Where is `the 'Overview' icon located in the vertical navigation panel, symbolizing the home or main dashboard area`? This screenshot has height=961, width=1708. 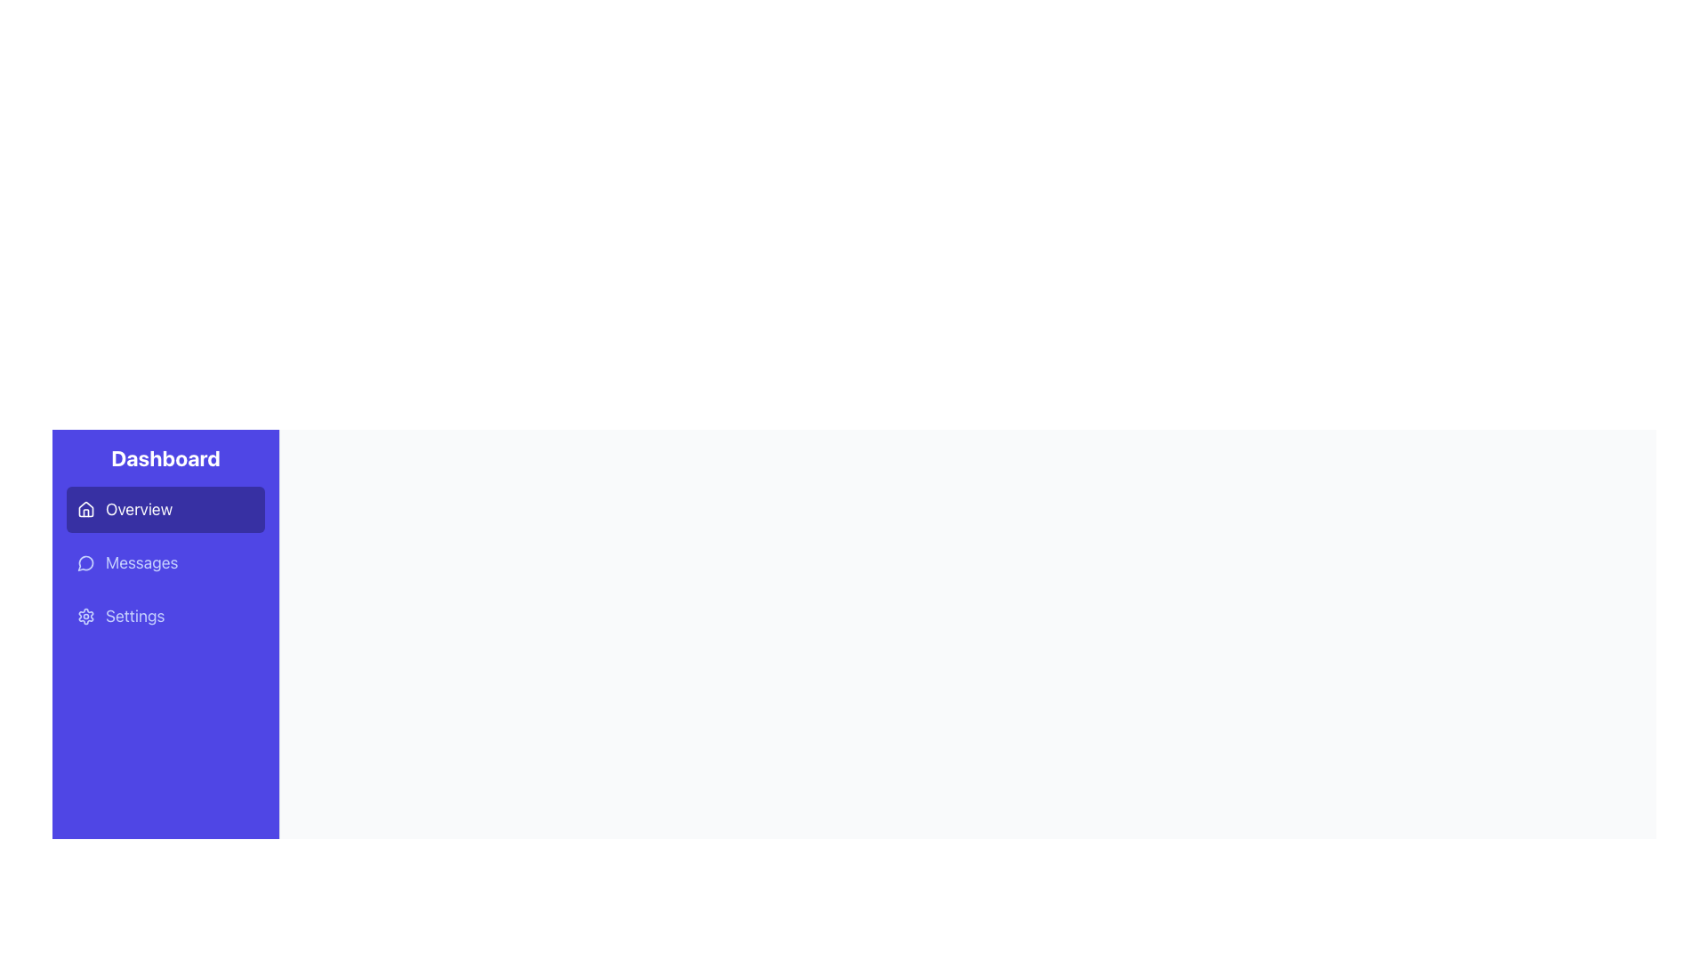 the 'Overview' icon located in the vertical navigation panel, symbolizing the home or main dashboard area is located at coordinates (85, 510).